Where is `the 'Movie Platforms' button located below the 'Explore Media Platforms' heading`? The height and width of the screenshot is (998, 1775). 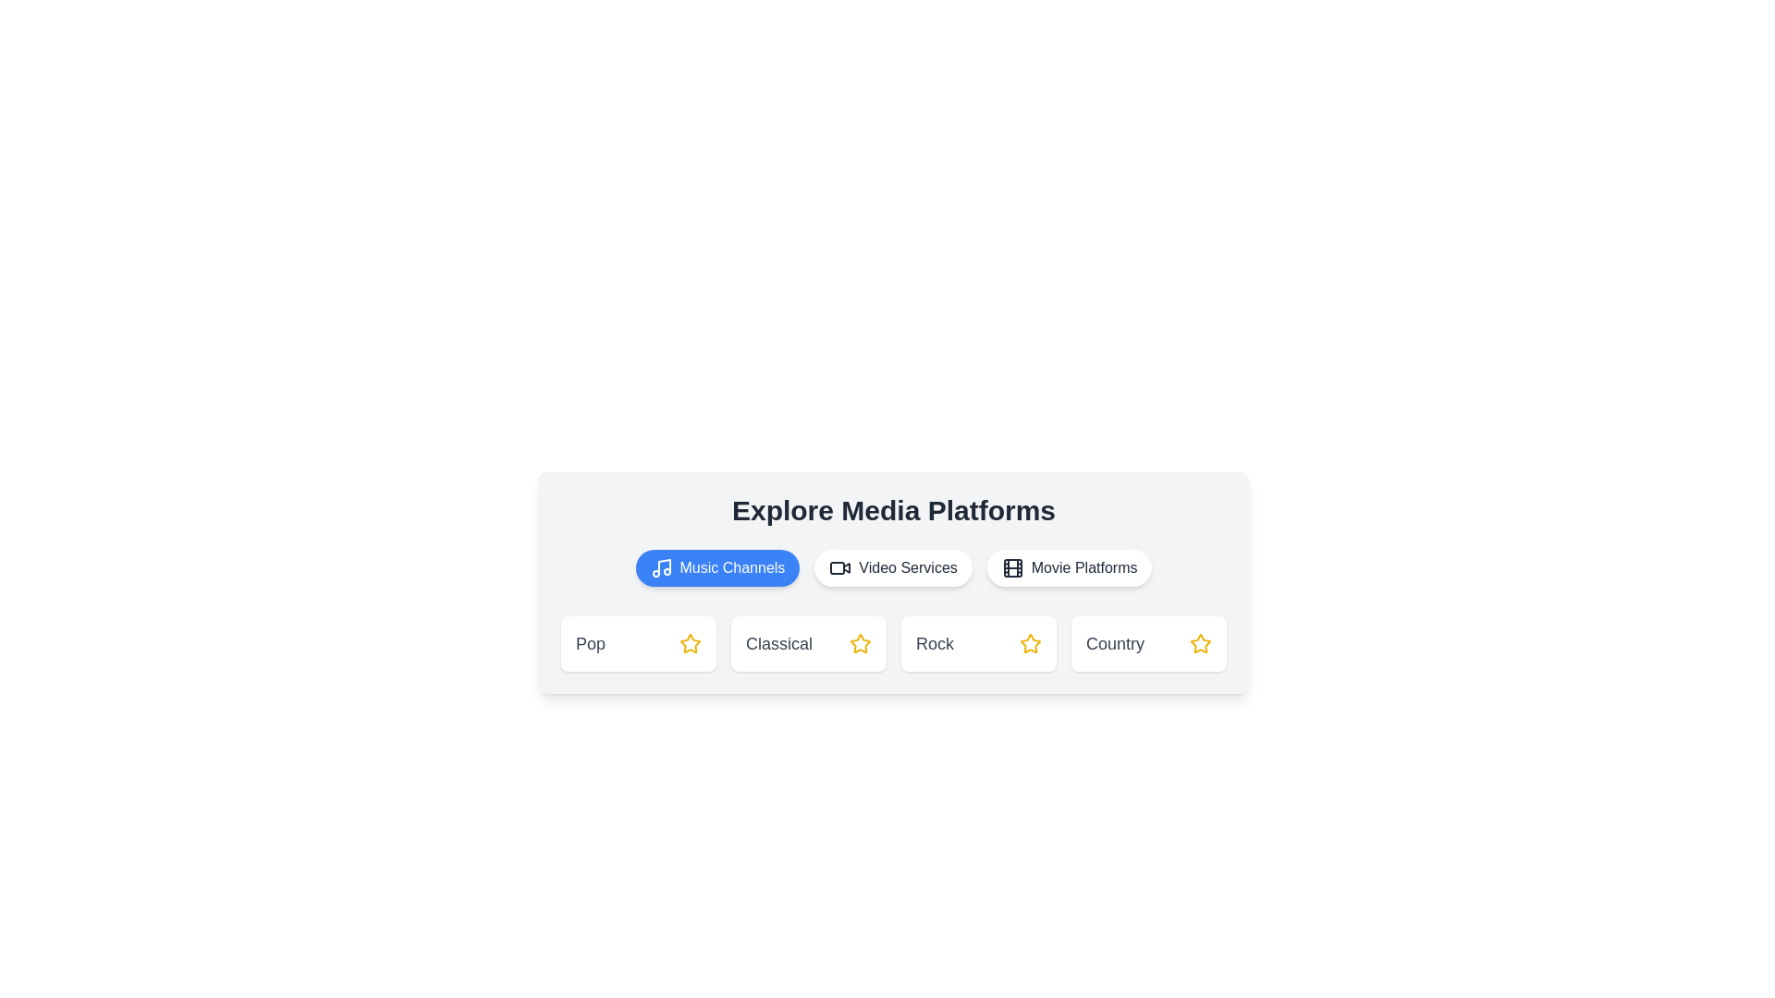 the 'Movie Platforms' button located below the 'Explore Media Platforms' heading is located at coordinates (1070, 566).